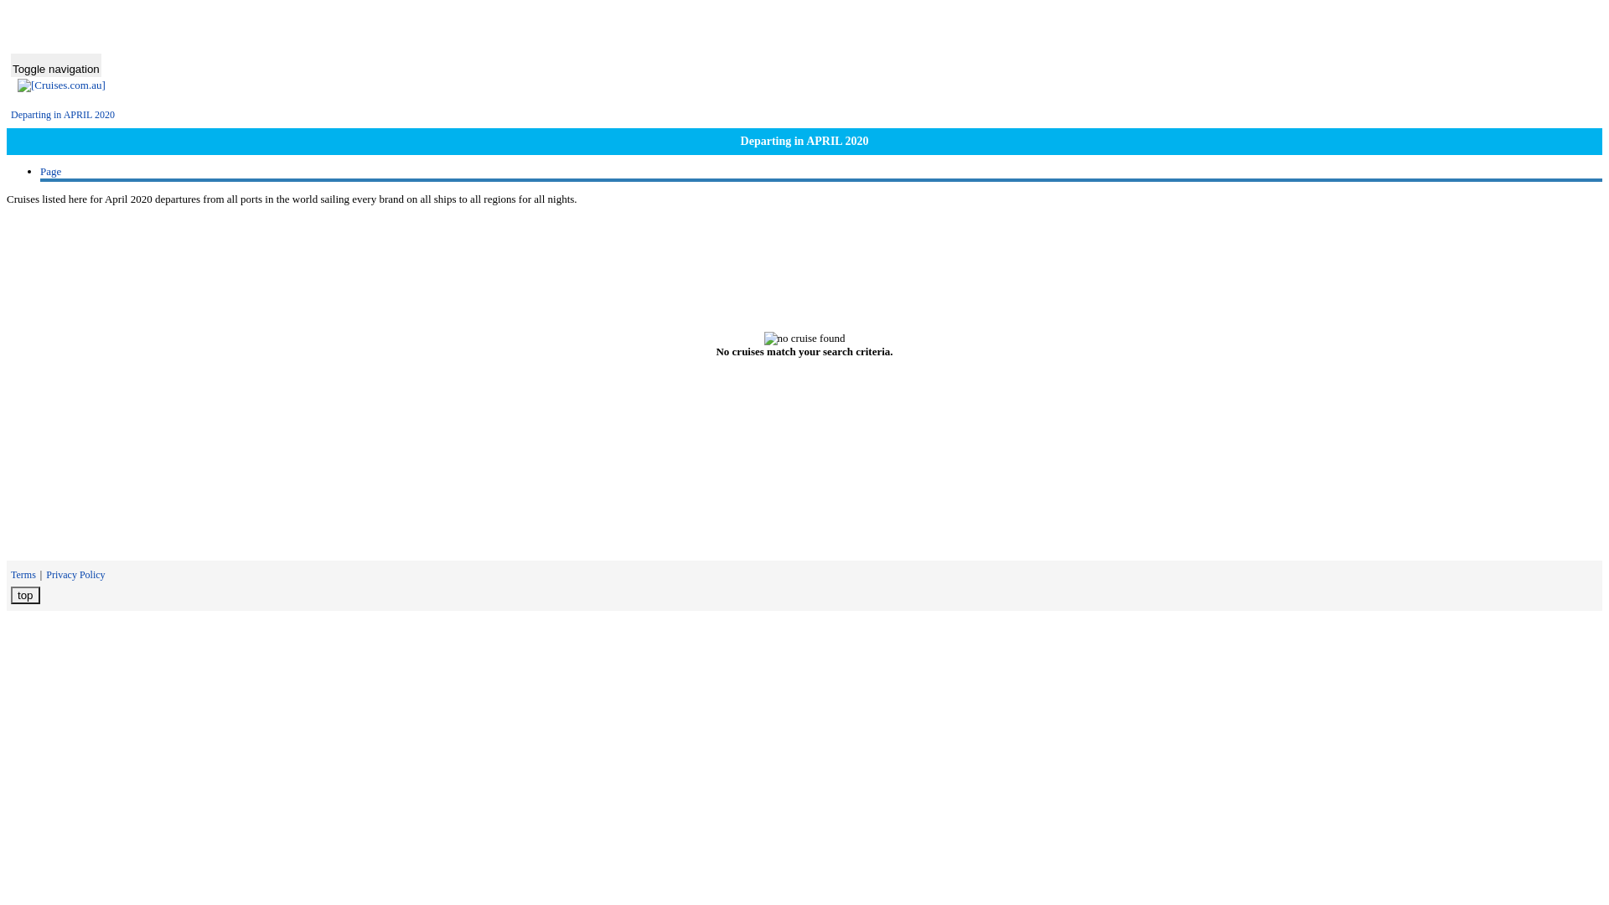 This screenshot has width=1609, height=905. What do you see at coordinates (63, 114) in the screenshot?
I see `'Departing in APRIL 2020'` at bounding box center [63, 114].